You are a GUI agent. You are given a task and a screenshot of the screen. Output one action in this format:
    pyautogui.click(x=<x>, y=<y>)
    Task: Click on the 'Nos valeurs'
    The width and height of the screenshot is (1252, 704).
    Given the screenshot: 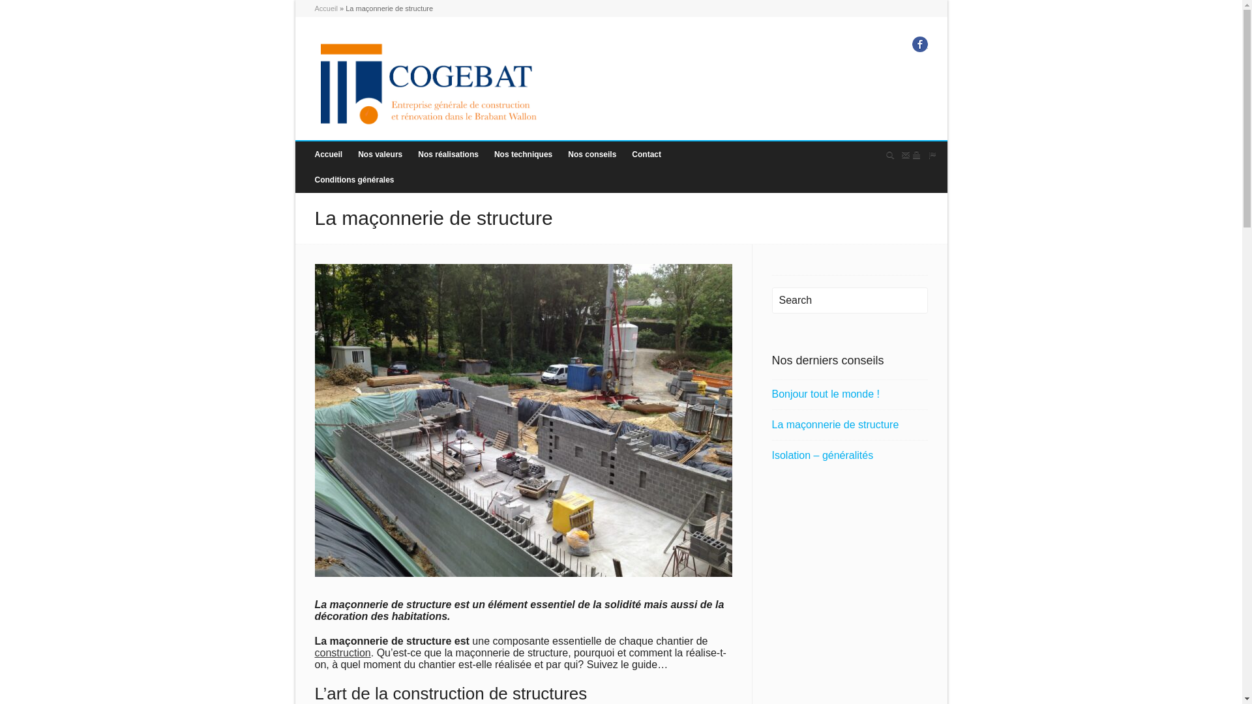 What is the action you would take?
    pyautogui.click(x=379, y=154)
    